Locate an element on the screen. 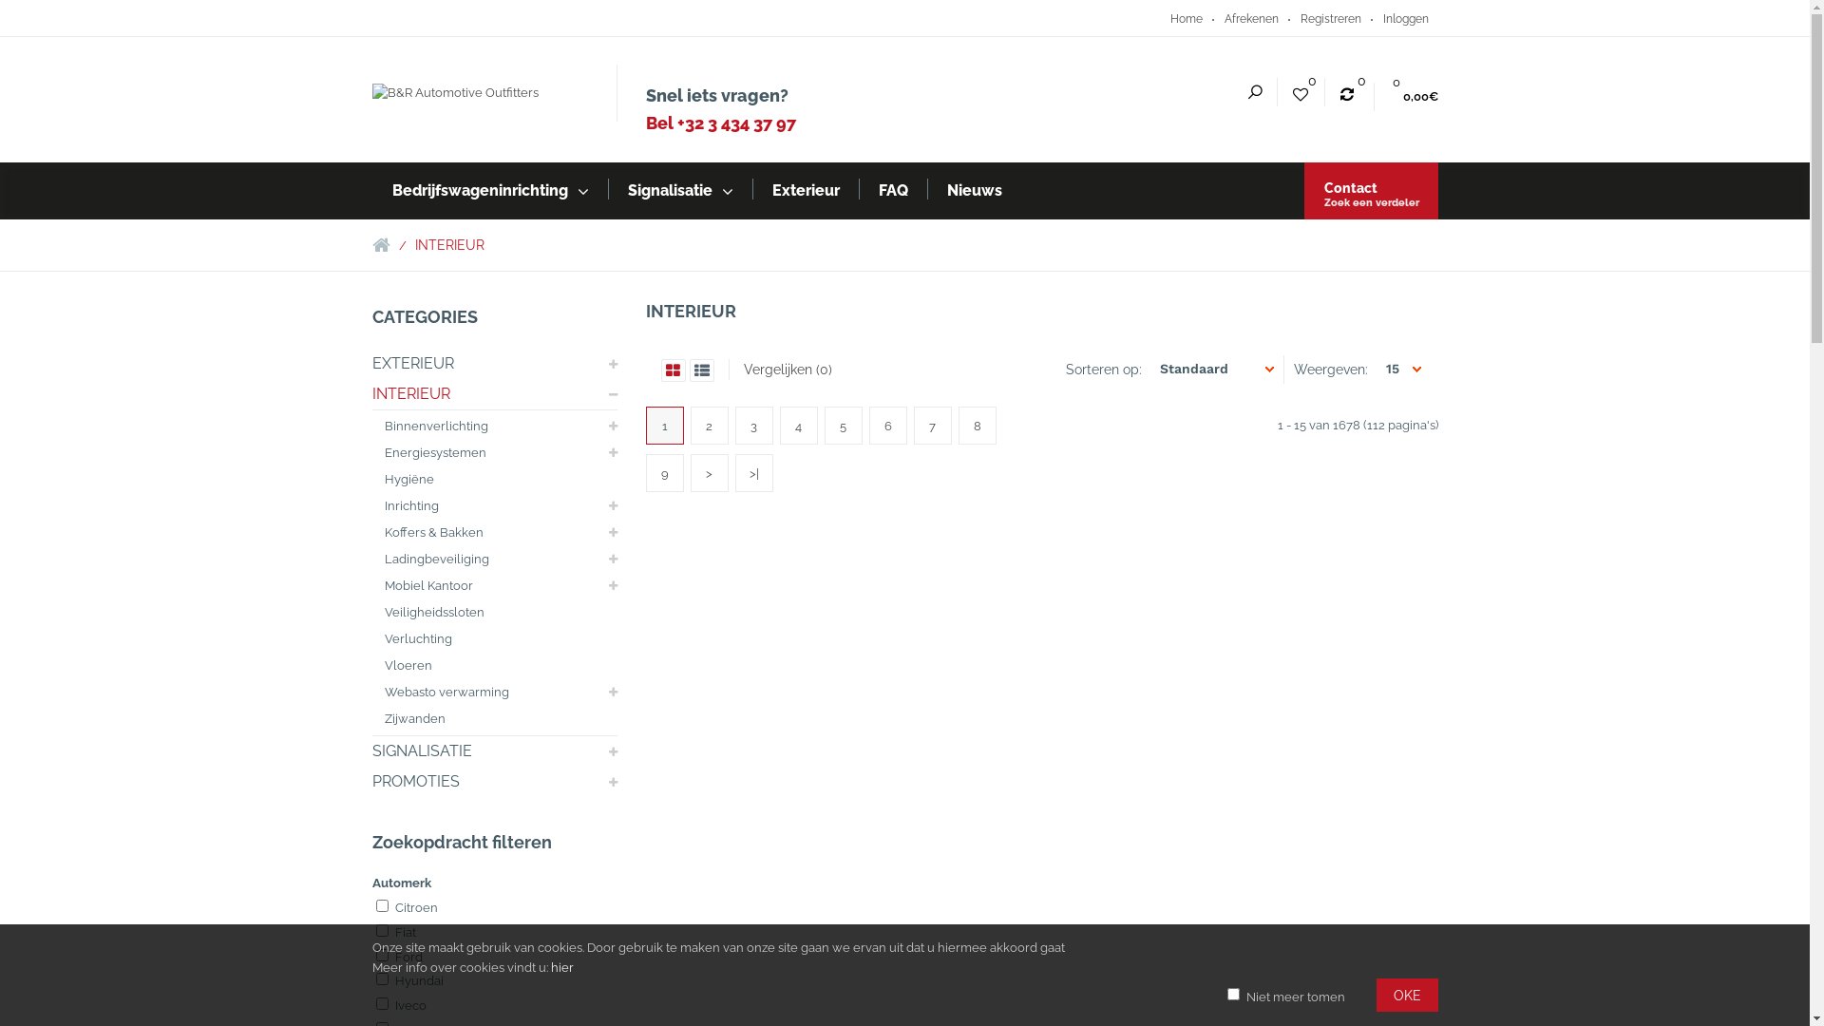  'INTERIEUR' is located at coordinates (447, 244).